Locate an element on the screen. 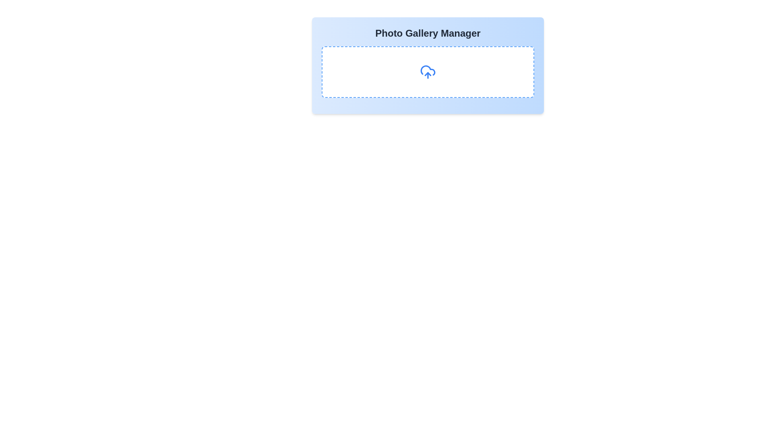  the cloud icon with an upward-pointing arrow, which is styled in vibrant blue color and located at the center of a dashed blue bordered box in the 'Photo Gallery Manager' interface to initiate a process is located at coordinates (427, 71).